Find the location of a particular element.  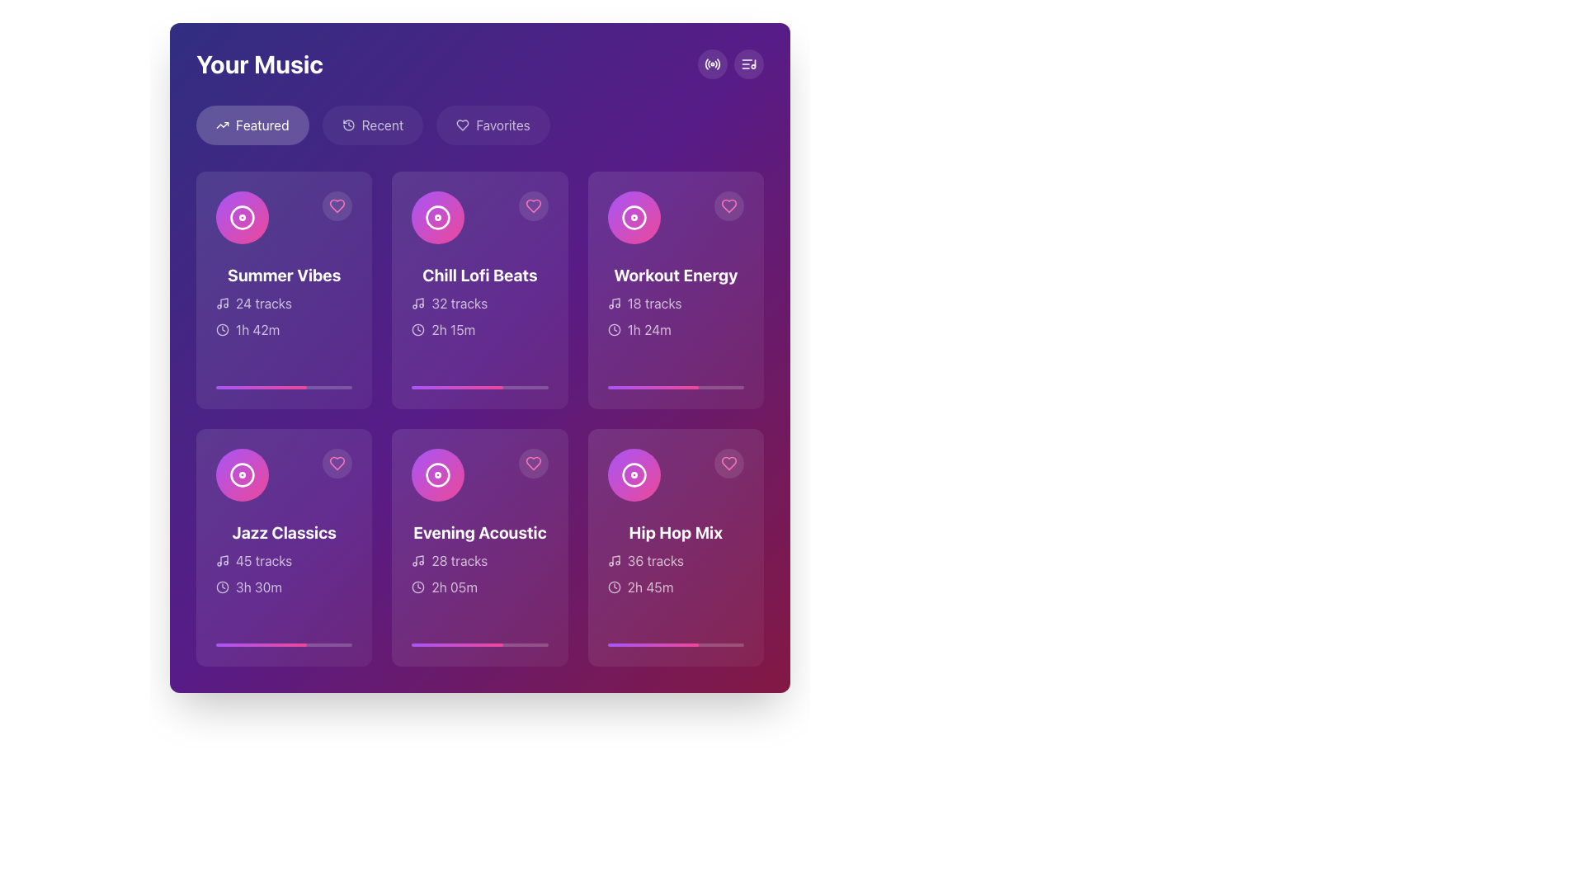

the track count for the 'Jazz Classics' playlist is located at coordinates (284, 559).